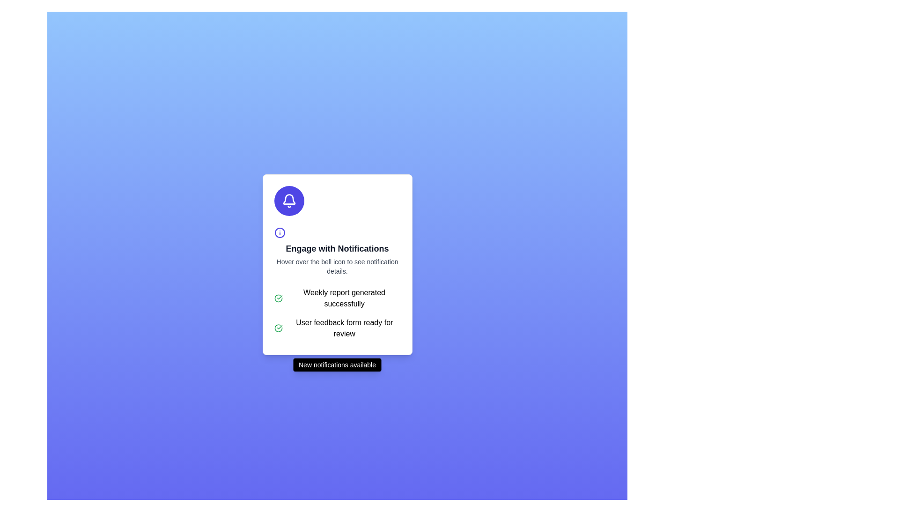  I want to click on the notification bell icon located in the 'Engage with Notifications' section, which serves as a visual indicator for notifications, so click(288, 199).